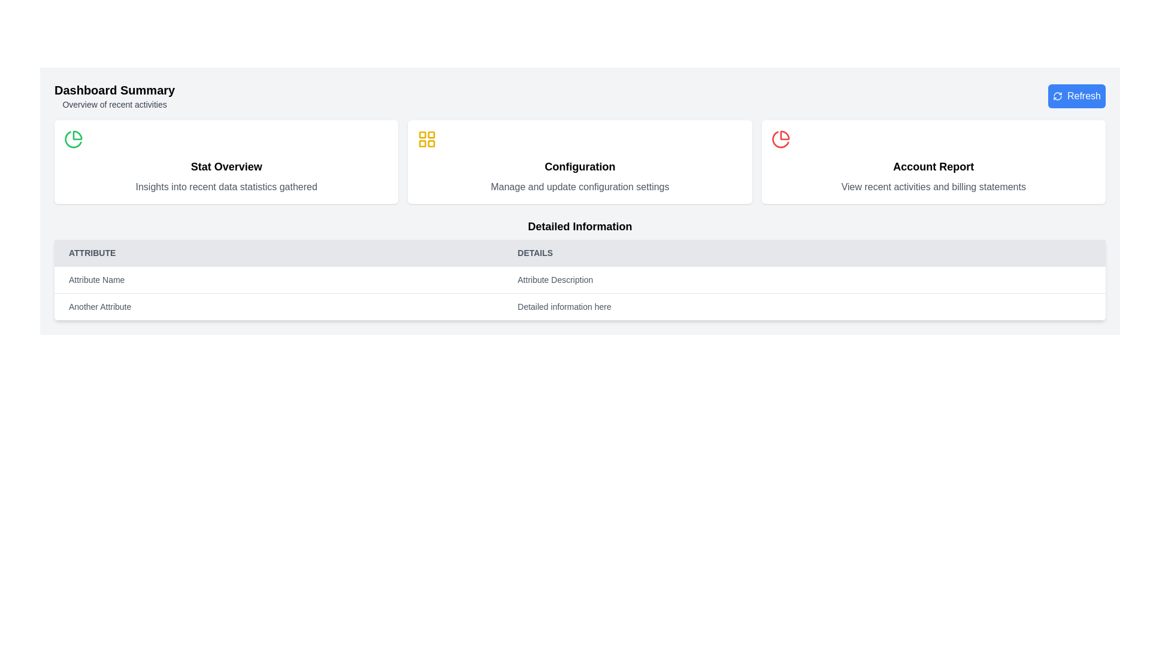 The width and height of the screenshot is (1150, 646). I want to click on the decorative grid icon in the 'Configuration' panel, which symbolizes settings and management features, so click(427, 138).